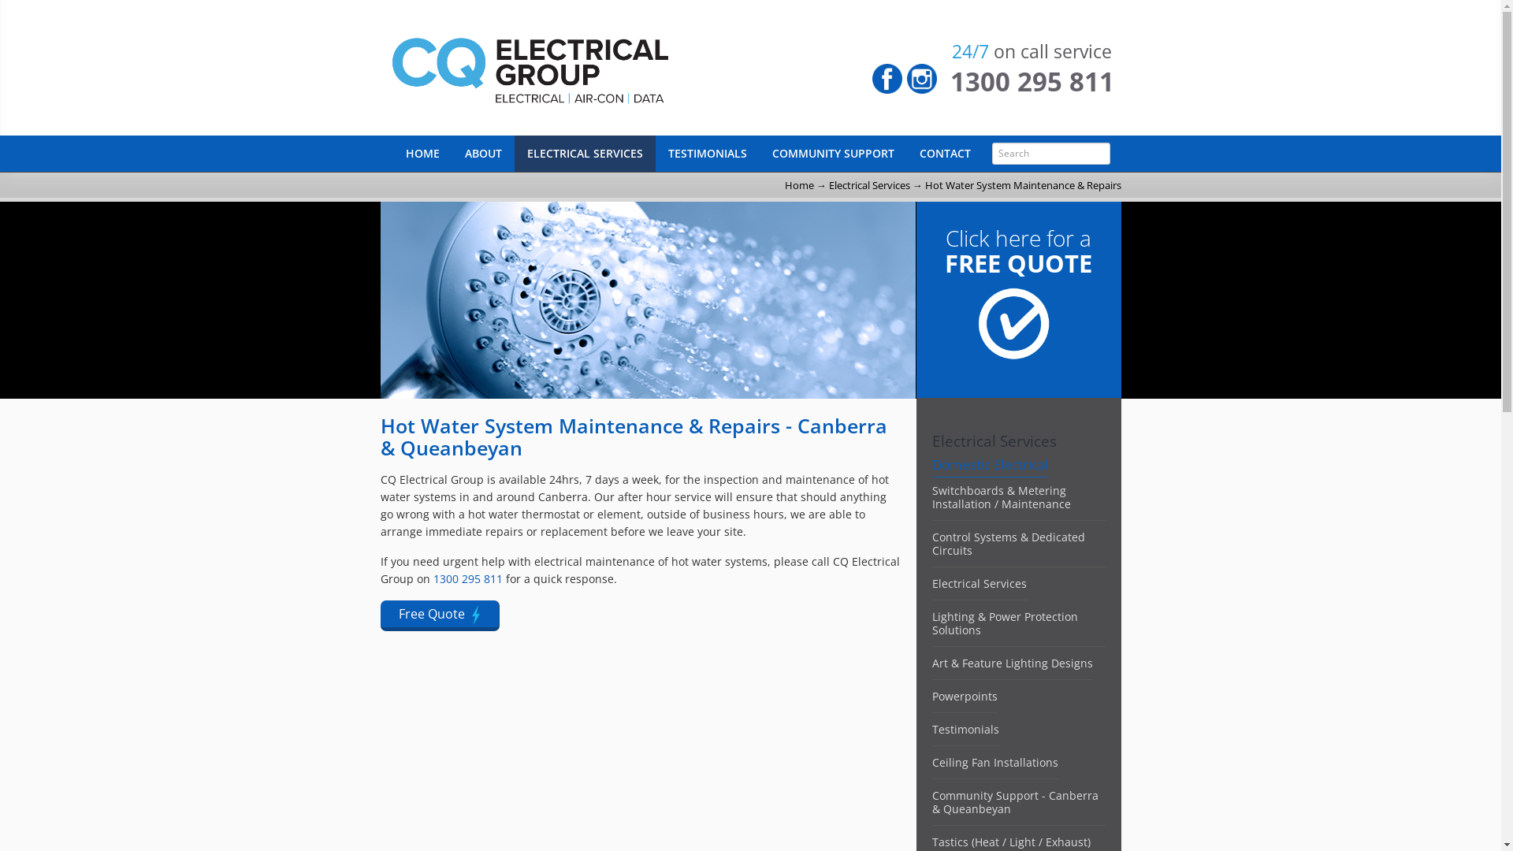  Describe the element at coordinates (799, 184) in the screenshot. I see `'Home'` at that location.